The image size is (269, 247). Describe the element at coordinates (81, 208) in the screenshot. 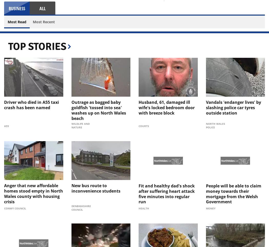

I see `'Denbighshire council'` at that location.